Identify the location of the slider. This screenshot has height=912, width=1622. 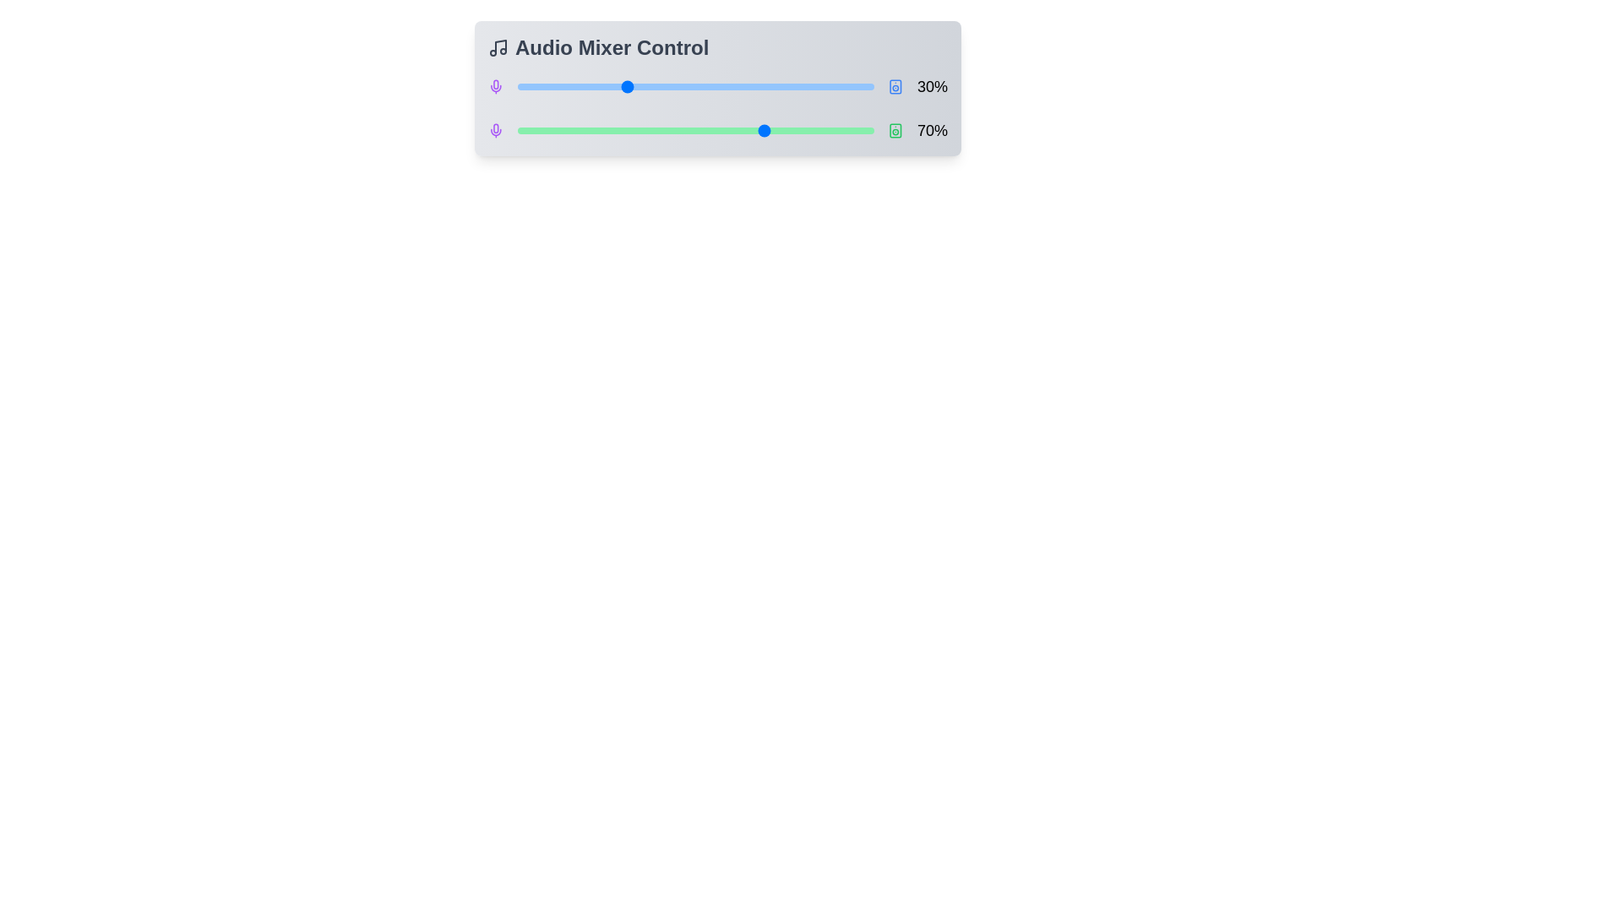
(603, 87).